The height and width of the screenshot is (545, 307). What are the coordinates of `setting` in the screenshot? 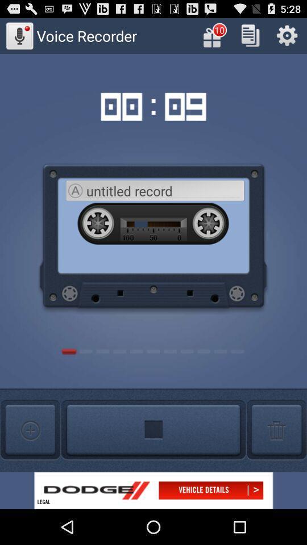 It's located at (287, 35).